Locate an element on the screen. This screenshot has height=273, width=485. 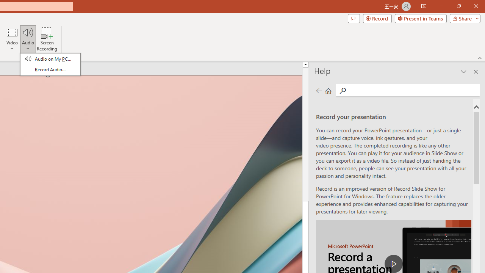
'play Record a Presentation' is located at coordinates (393, 263).